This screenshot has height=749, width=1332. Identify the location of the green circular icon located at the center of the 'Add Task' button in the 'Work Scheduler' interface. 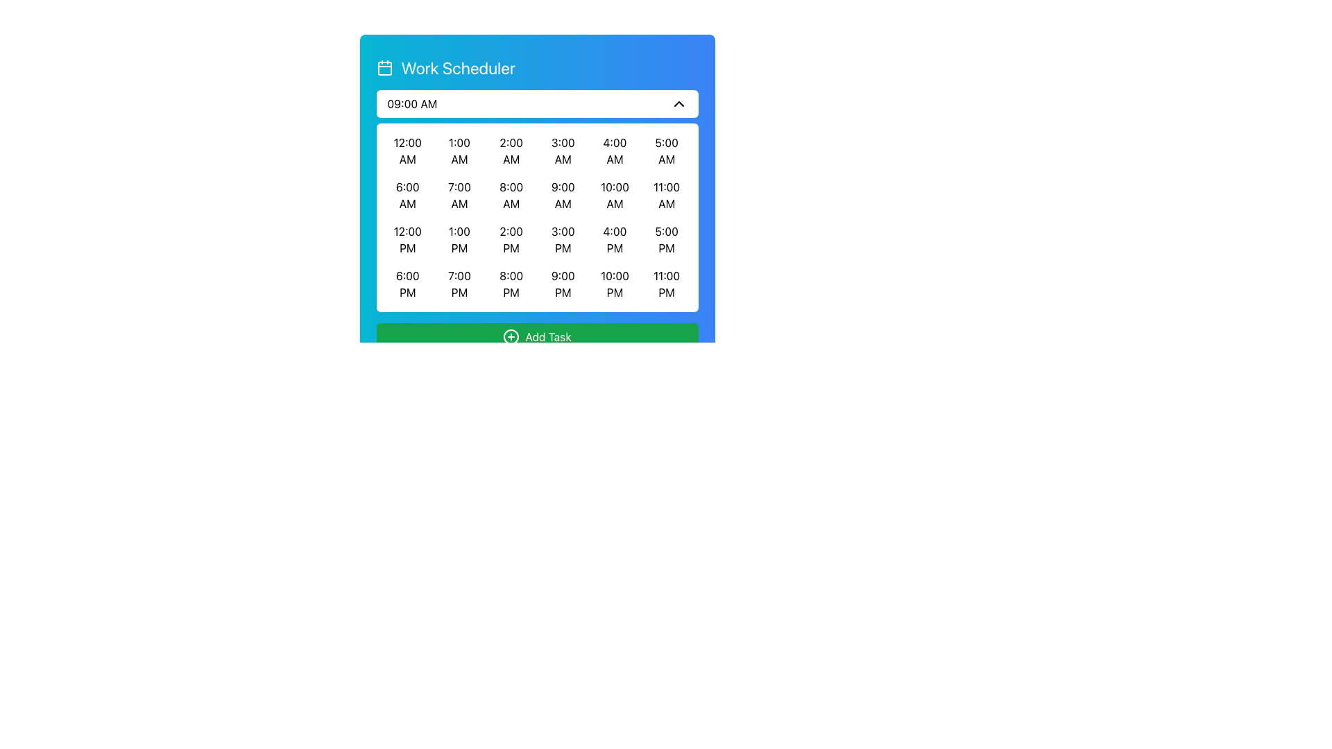
(511, 337).